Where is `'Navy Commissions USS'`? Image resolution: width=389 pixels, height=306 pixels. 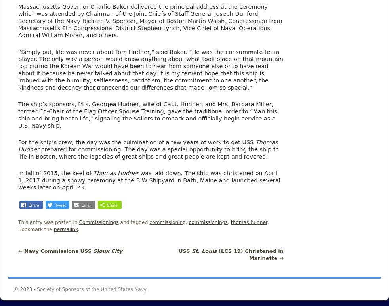 'Navy Commissions USS' is located at coordinates (57, 250).